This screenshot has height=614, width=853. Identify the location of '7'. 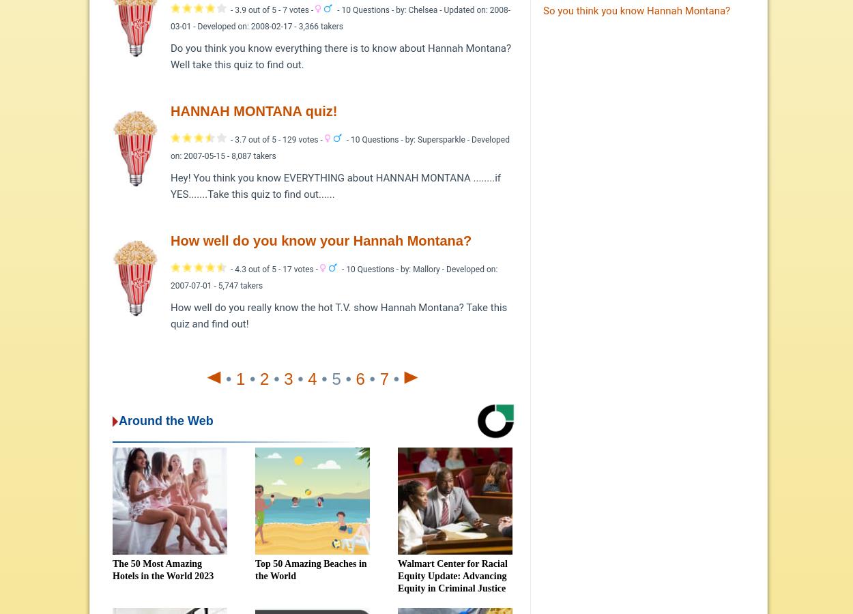
(384, 377).